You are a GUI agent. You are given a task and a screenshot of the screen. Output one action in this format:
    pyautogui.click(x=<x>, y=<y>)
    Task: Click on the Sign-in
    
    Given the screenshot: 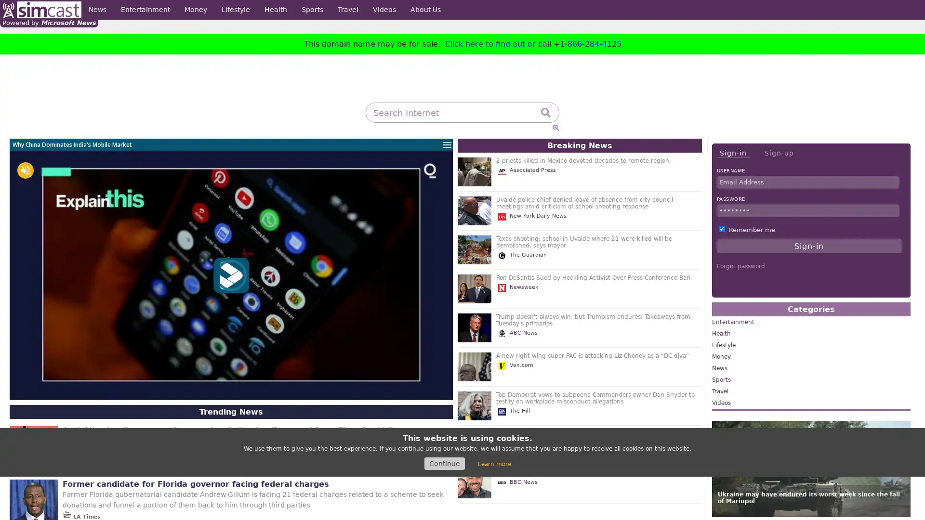 What is the action you would take?
    pyautogui.click(x=809, y=245)
    